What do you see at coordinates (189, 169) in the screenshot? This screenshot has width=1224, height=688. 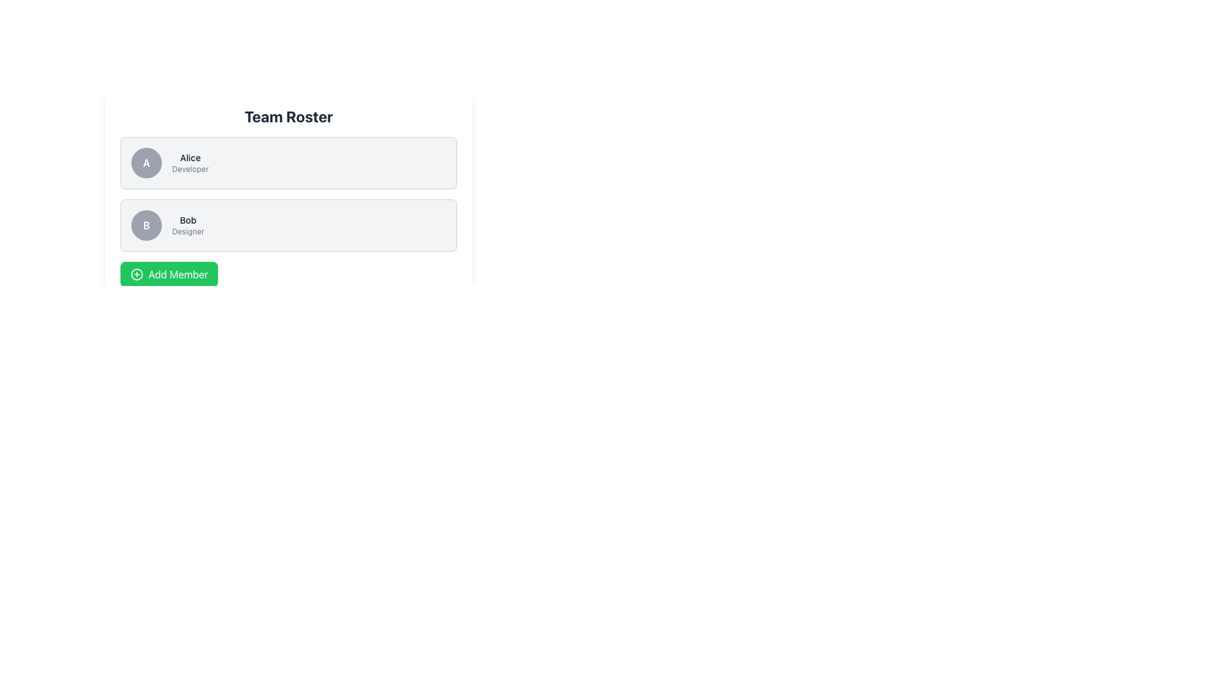 I see `the text label indicating 'Developer' for the individual named 'Alice', which is located directly beneath her name in the profile card` at bounding box center [189, 169].